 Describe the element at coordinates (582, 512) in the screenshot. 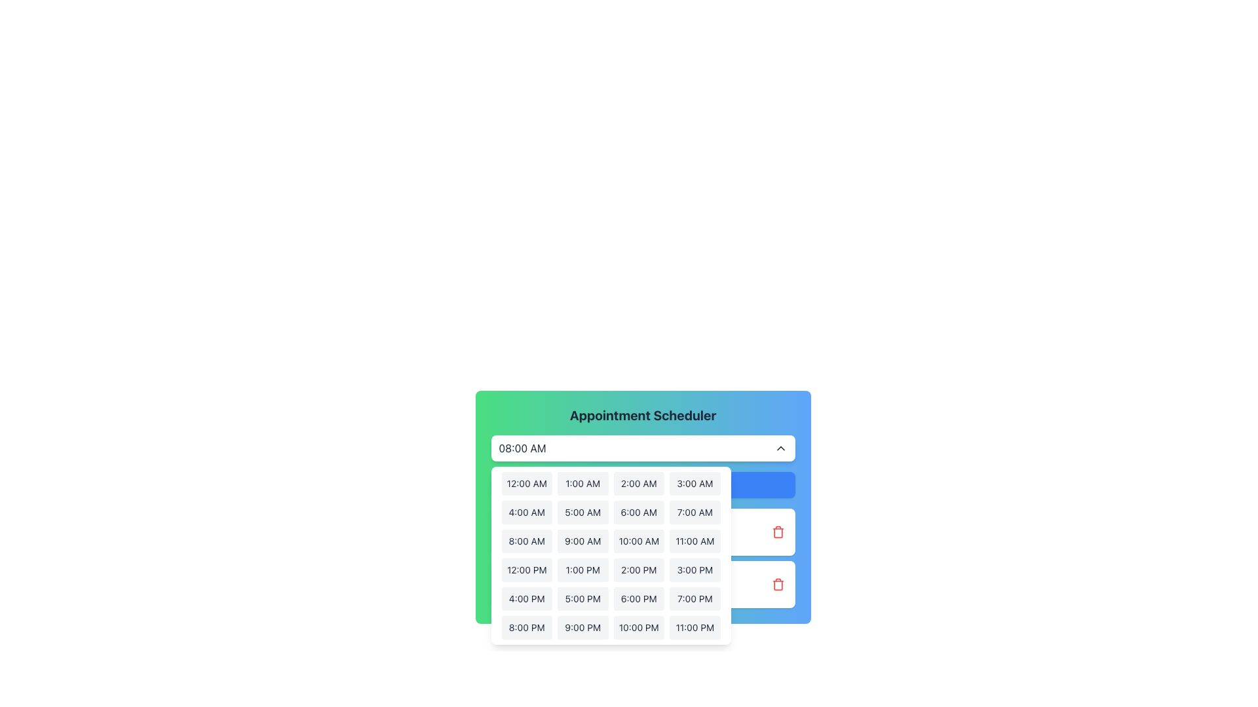

I see `the small rectangular button labeled '5:00 AM' to observe the background color change to green` at that location.